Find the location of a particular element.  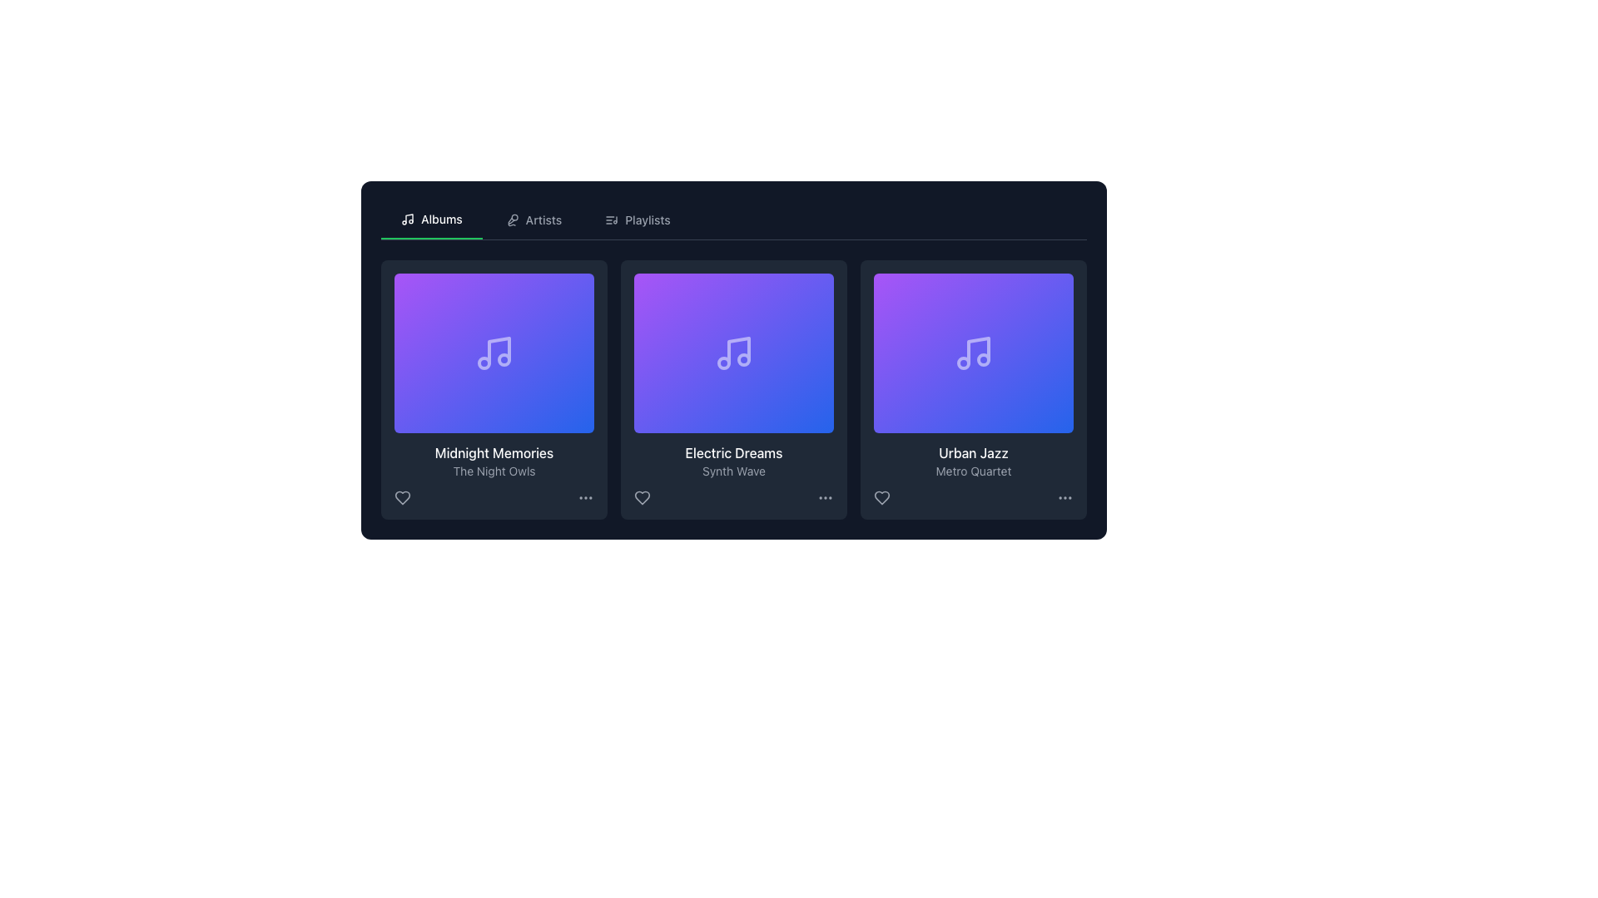

the 'Artists' navigation tab is located at coordinates (533, 220).